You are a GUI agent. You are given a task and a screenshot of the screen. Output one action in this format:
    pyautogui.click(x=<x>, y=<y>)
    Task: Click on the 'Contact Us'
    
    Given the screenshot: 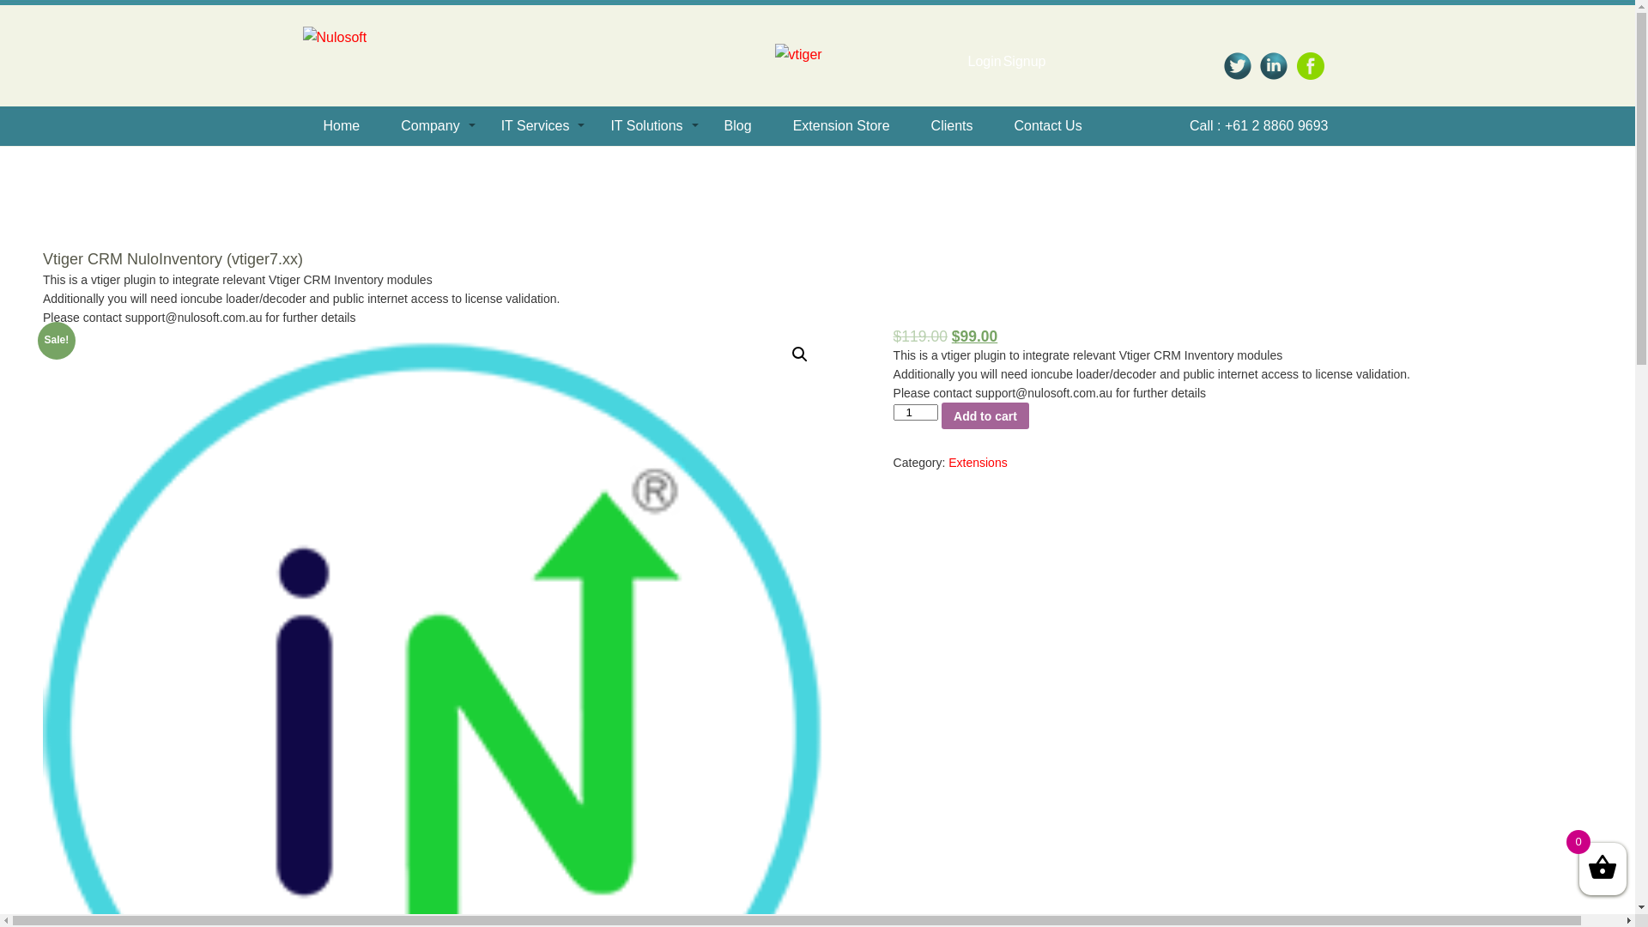 What is the action you would take?
    pyautogui.click(x=1047, y=124)
    